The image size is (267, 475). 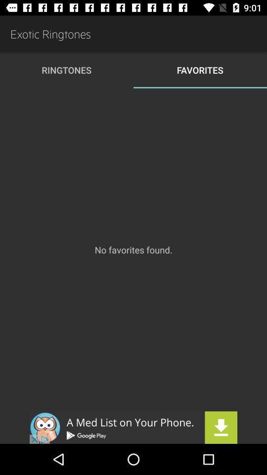 What do you see at coordinates (133, 427) in the screenshot?
I see `for adverisment` at bounding box center [133, 427].